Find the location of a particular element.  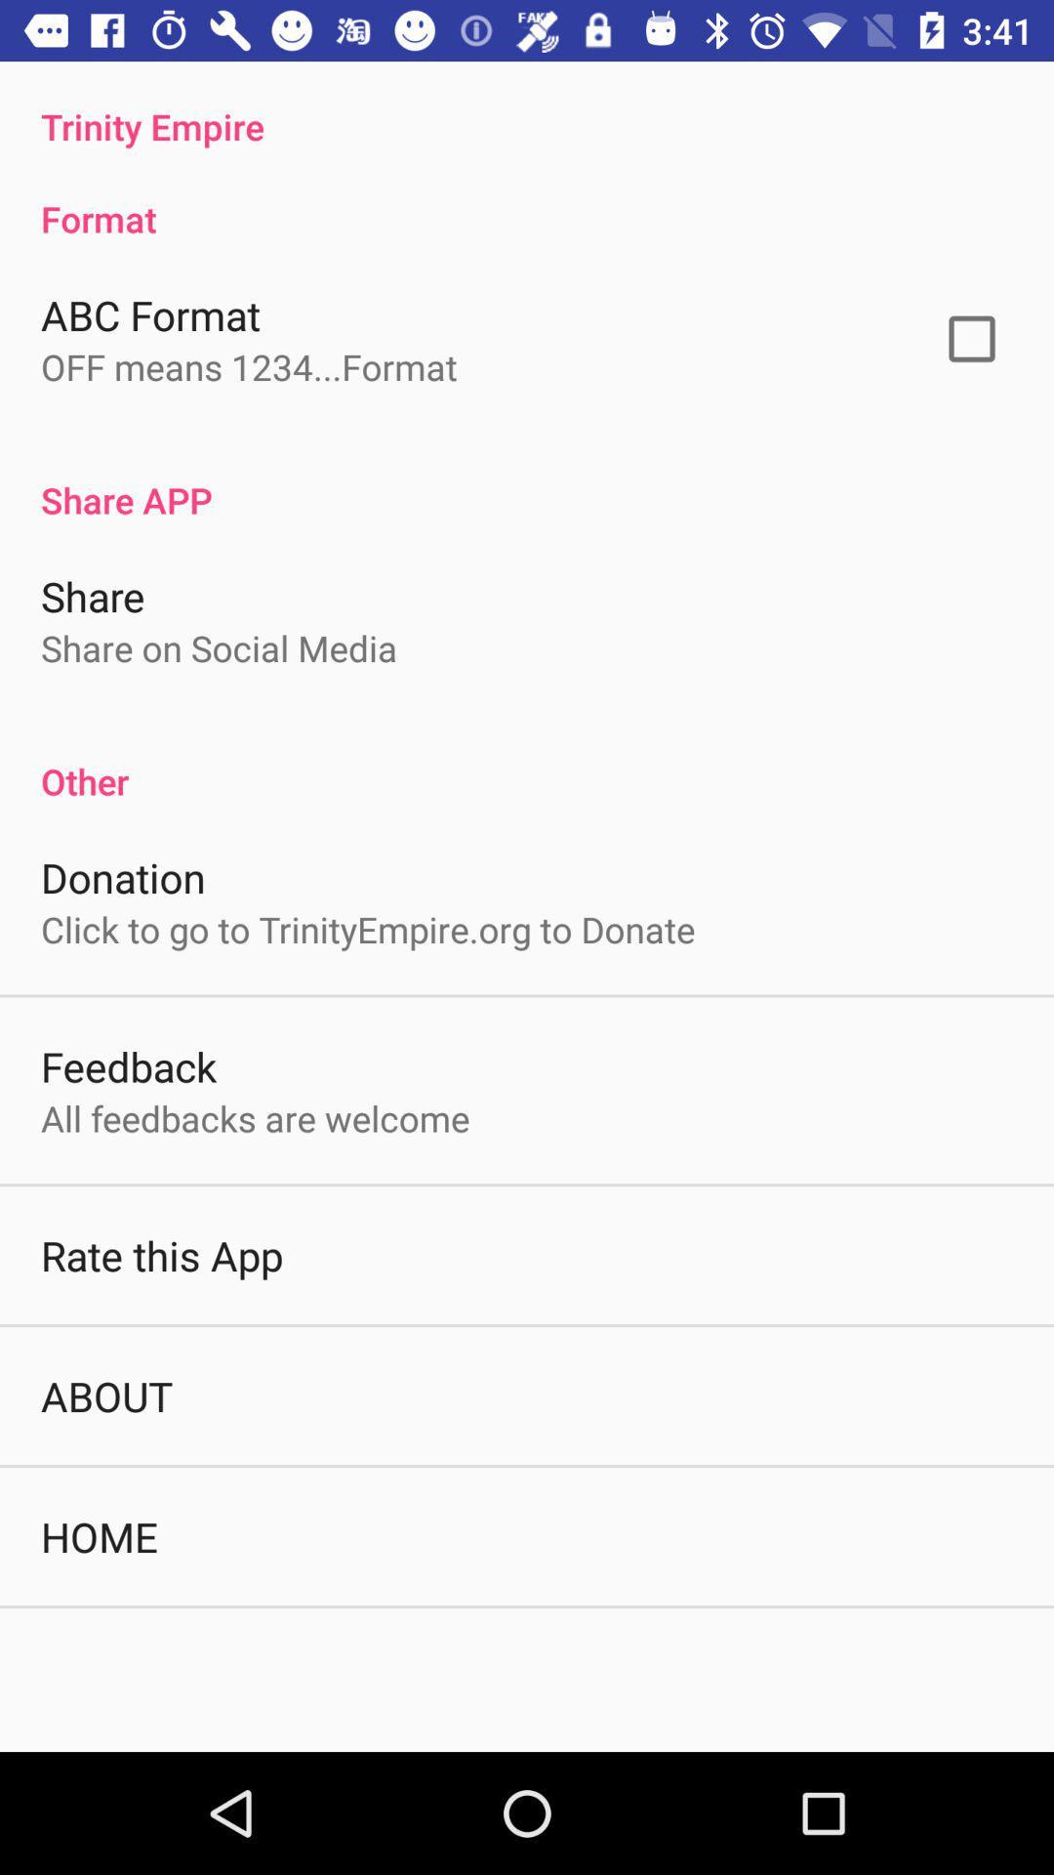

the button next to the abc format is located at coordinates (971, 338).